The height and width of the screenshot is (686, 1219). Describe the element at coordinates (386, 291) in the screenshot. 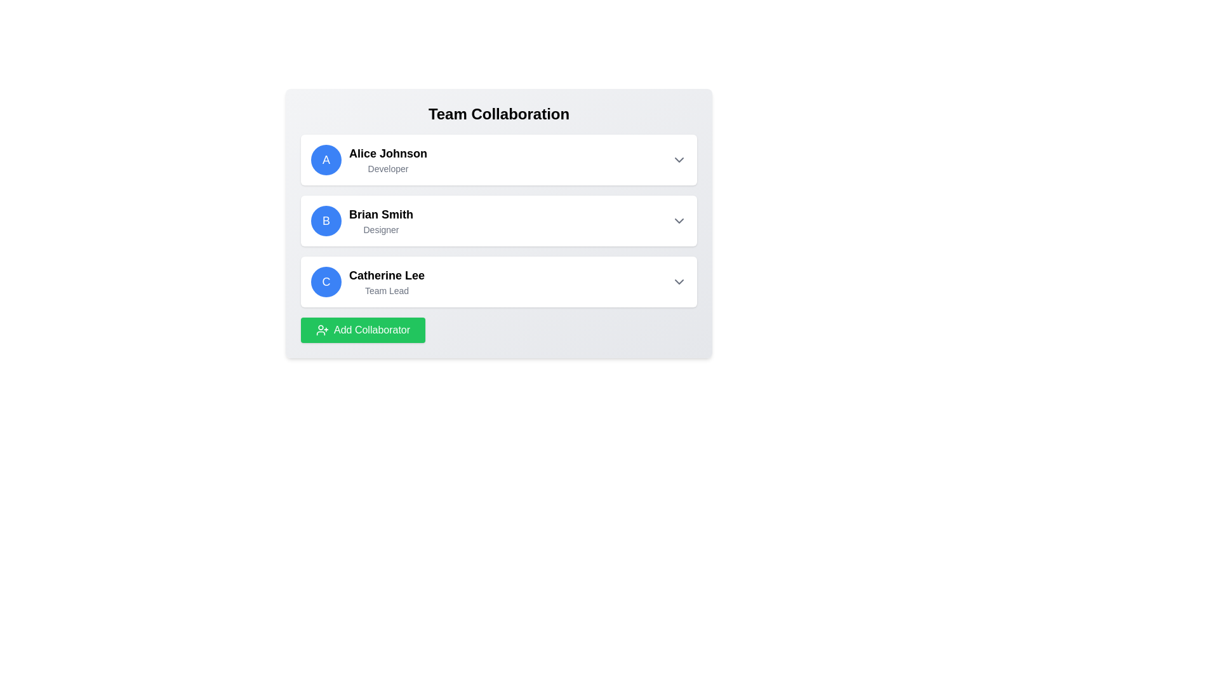

I see `the 'Team Lead' text label which is displayed in gray color and positioned below 'Catherine Lee' in the third user profile card` at that location.